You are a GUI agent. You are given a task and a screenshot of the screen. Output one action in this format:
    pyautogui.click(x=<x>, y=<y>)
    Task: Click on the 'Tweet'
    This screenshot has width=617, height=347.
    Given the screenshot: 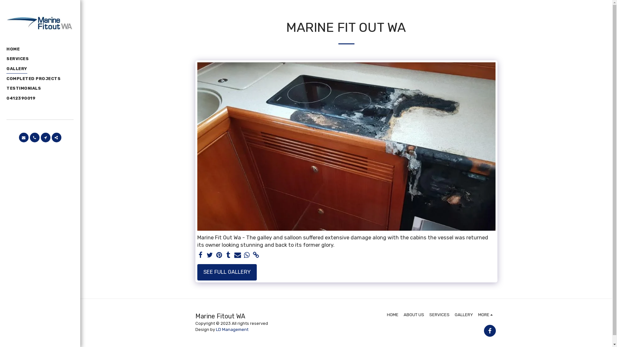 What is the action you would take?
    pyautogui.click(x=210, y=255)
    